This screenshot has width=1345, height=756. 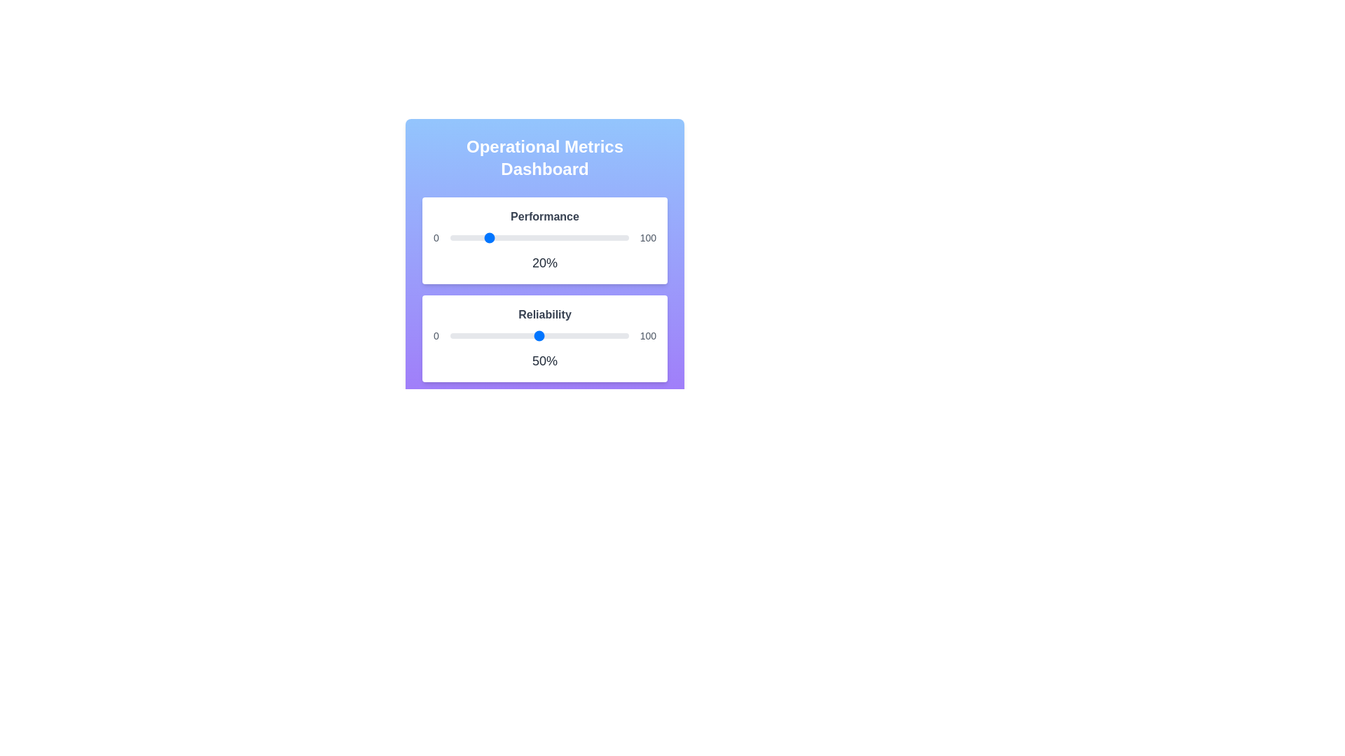 What do you see at coordinates (647, 237) in the screenshot?
I see `the text label displaying the number '100', which is styled in gray and located to the right of the horizontal slider for the 'Performance' metric` at bounding box center [647, 237].